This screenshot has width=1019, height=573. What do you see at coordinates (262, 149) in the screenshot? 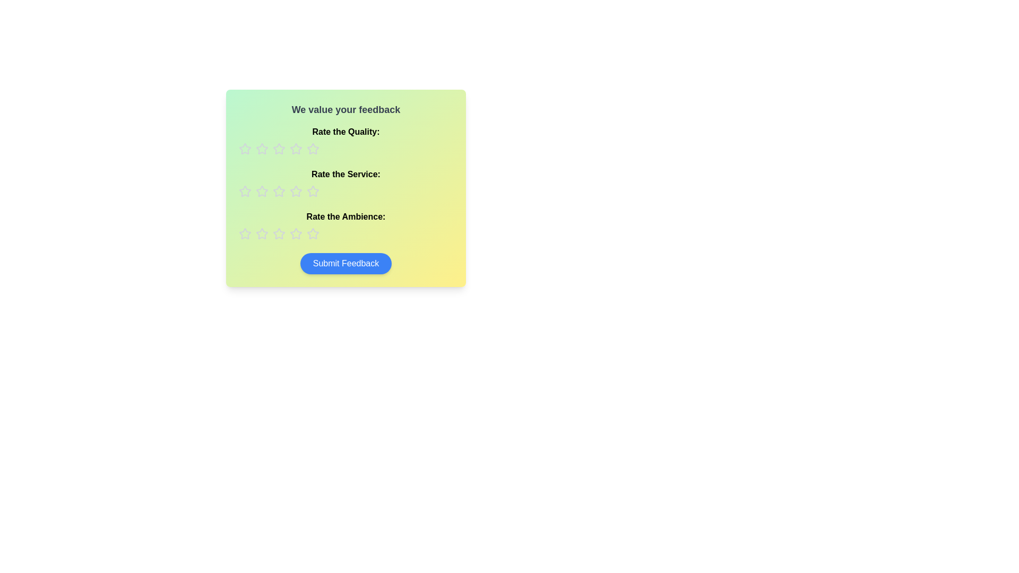
I see `the first star in the 'Rate the Quality' rating row to provide a rating of 1` at bounding box center [262, 149].